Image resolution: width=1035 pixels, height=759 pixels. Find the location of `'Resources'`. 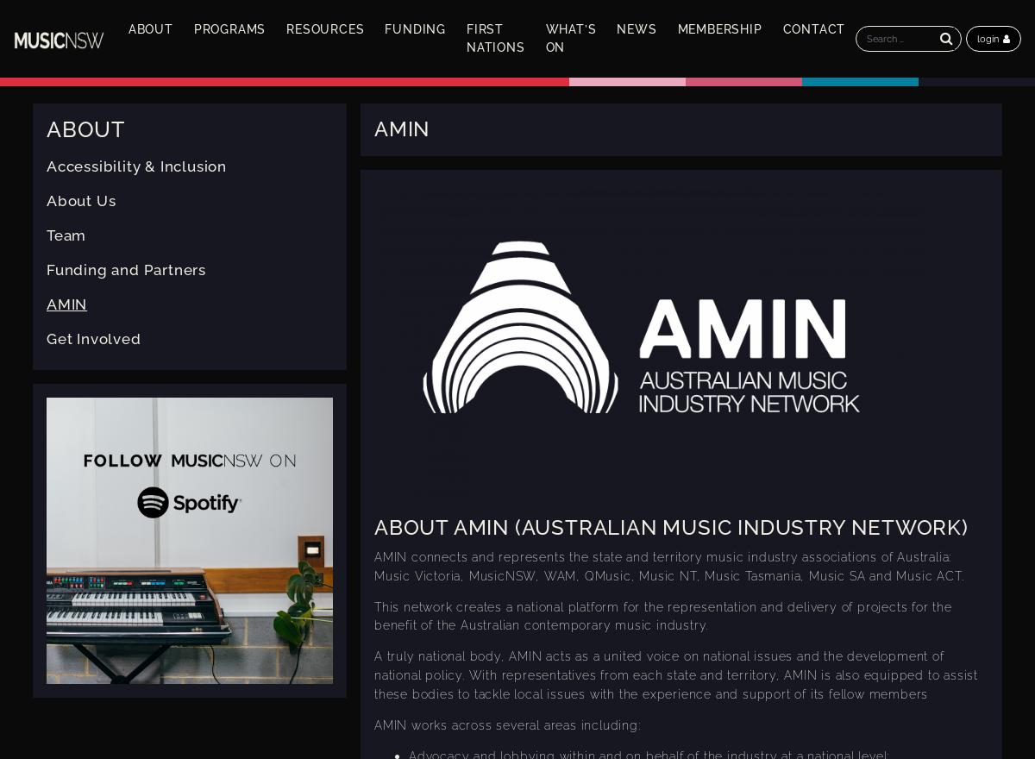

'Resources' is located at coordinates (325, 28).